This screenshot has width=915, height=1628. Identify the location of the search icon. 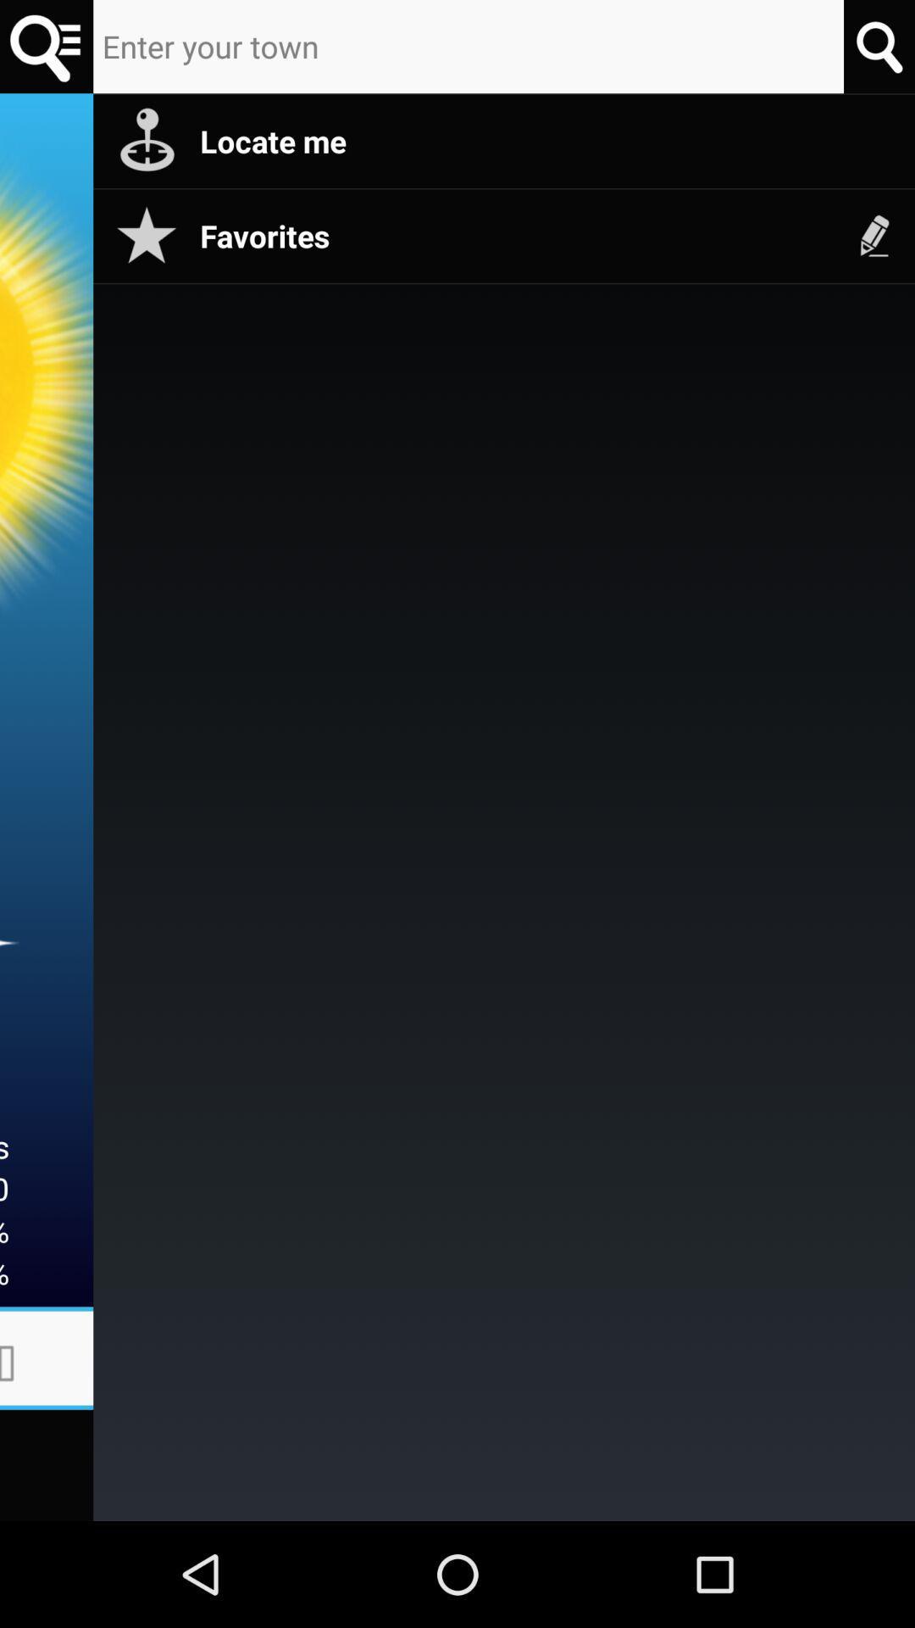
(878, 46).